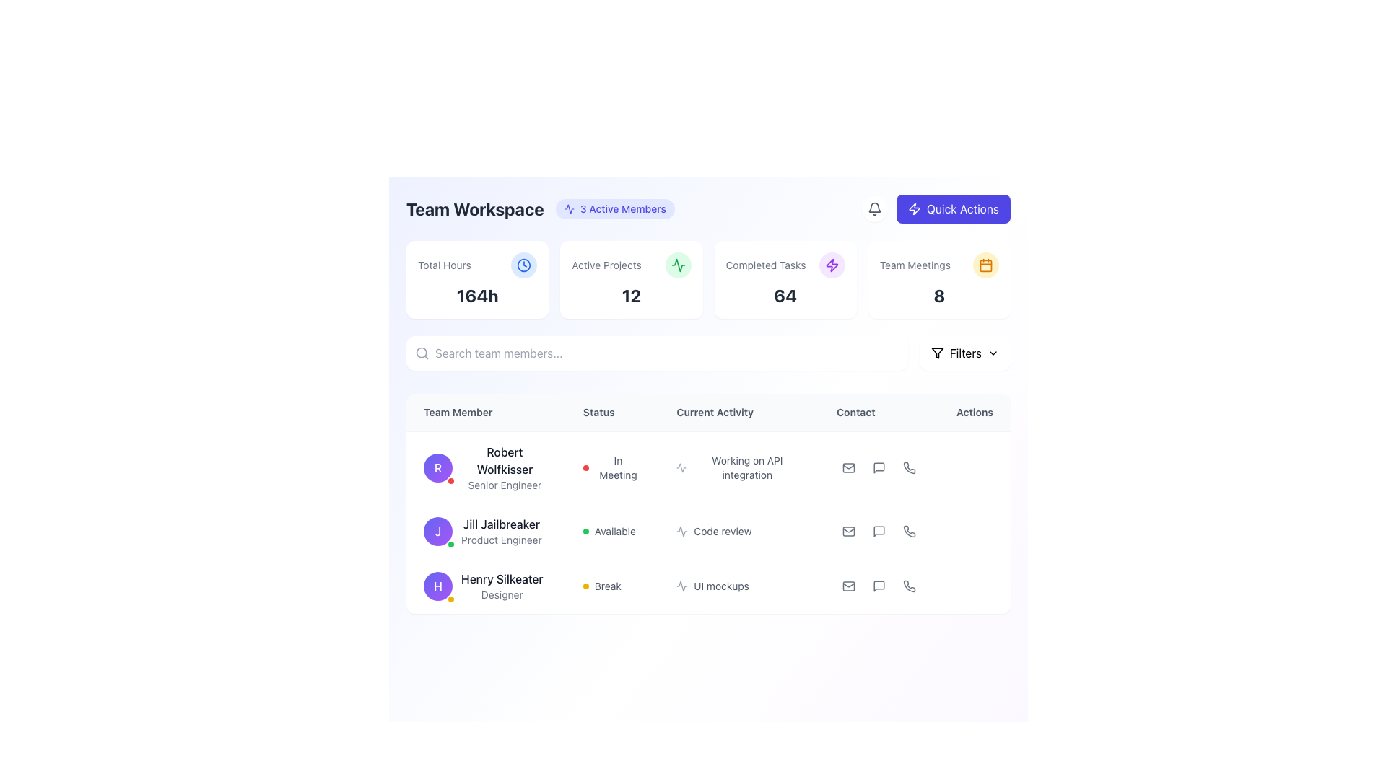 This screenshot has width=1386, height=779. Describe the element at coordinates (708, 503) in the screenshot. I see `a row in the user data display table located centrally below the 'Team Workspace' section and above the footer of the interface` at that location.